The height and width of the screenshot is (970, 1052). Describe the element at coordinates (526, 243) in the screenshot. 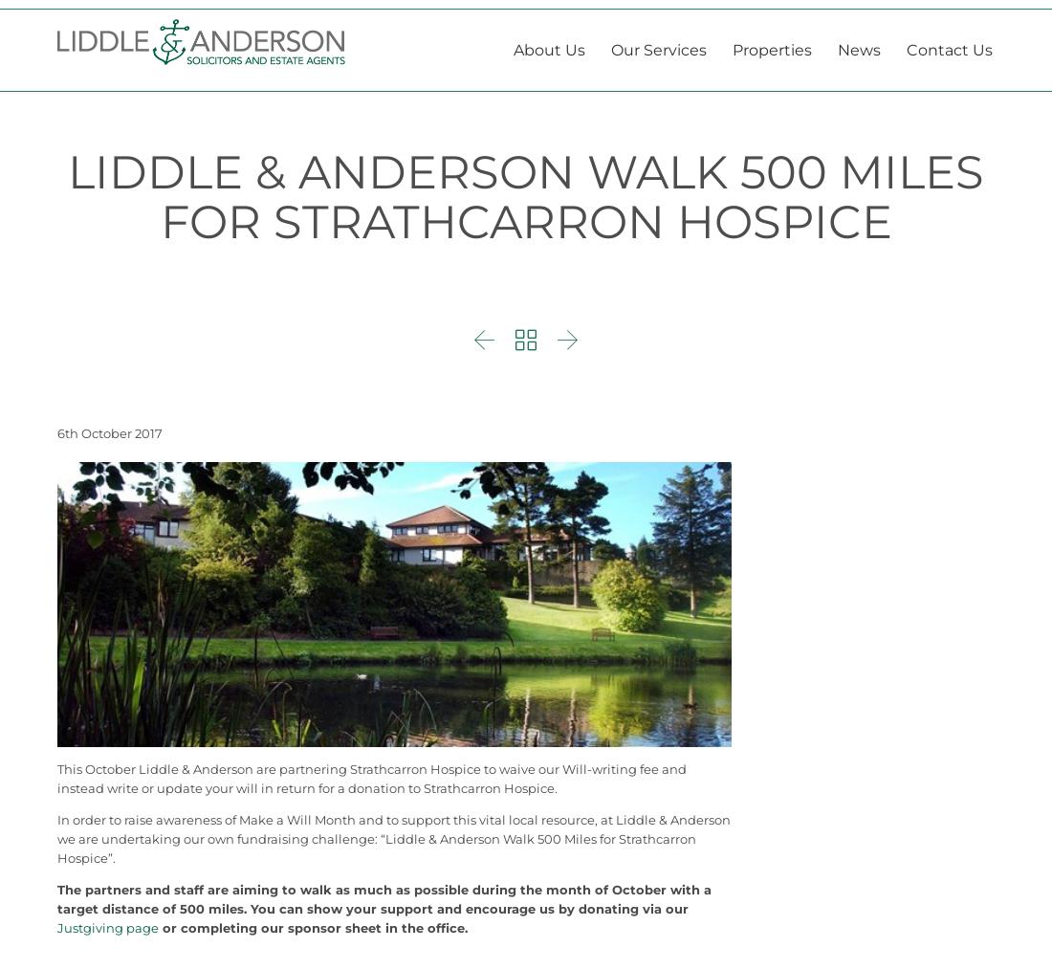

I see `'LIDDLE & ANDERSON WALK 500 MILES FOR STRATHCARRON HOSPICE'` at that location.